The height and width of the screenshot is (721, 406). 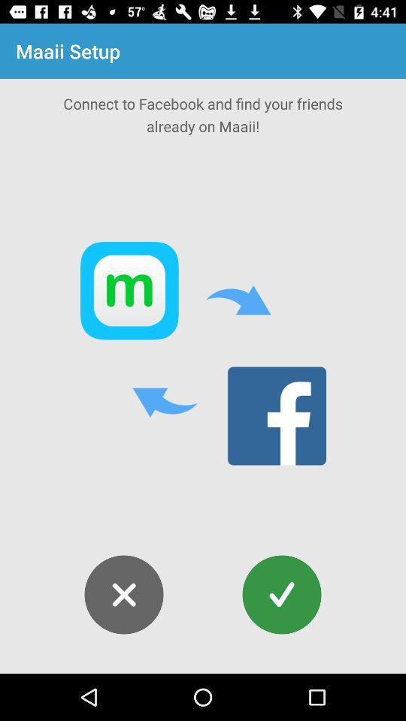 I want to click on the close icon, so click(x=123, y=595).